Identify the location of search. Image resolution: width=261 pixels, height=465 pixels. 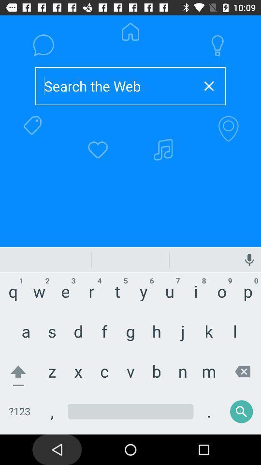
(115, 85).